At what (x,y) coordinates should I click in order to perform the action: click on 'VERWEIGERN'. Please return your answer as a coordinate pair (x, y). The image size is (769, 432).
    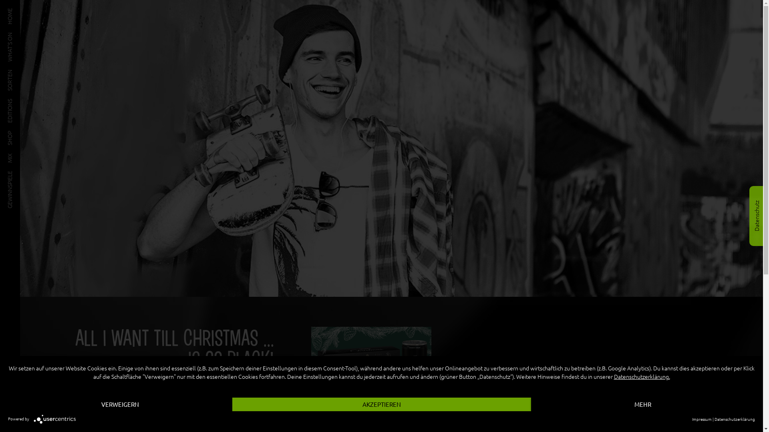
    Looking at the image, I should click on (119, 404).